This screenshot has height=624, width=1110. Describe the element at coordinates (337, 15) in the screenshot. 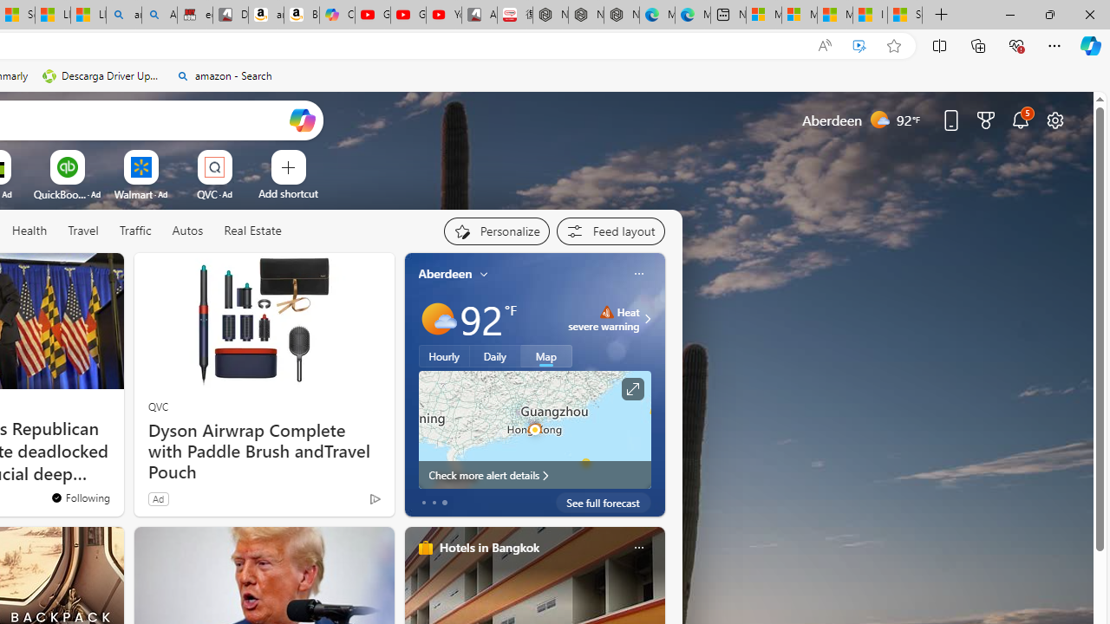

I see `'Copilot'` at that location.